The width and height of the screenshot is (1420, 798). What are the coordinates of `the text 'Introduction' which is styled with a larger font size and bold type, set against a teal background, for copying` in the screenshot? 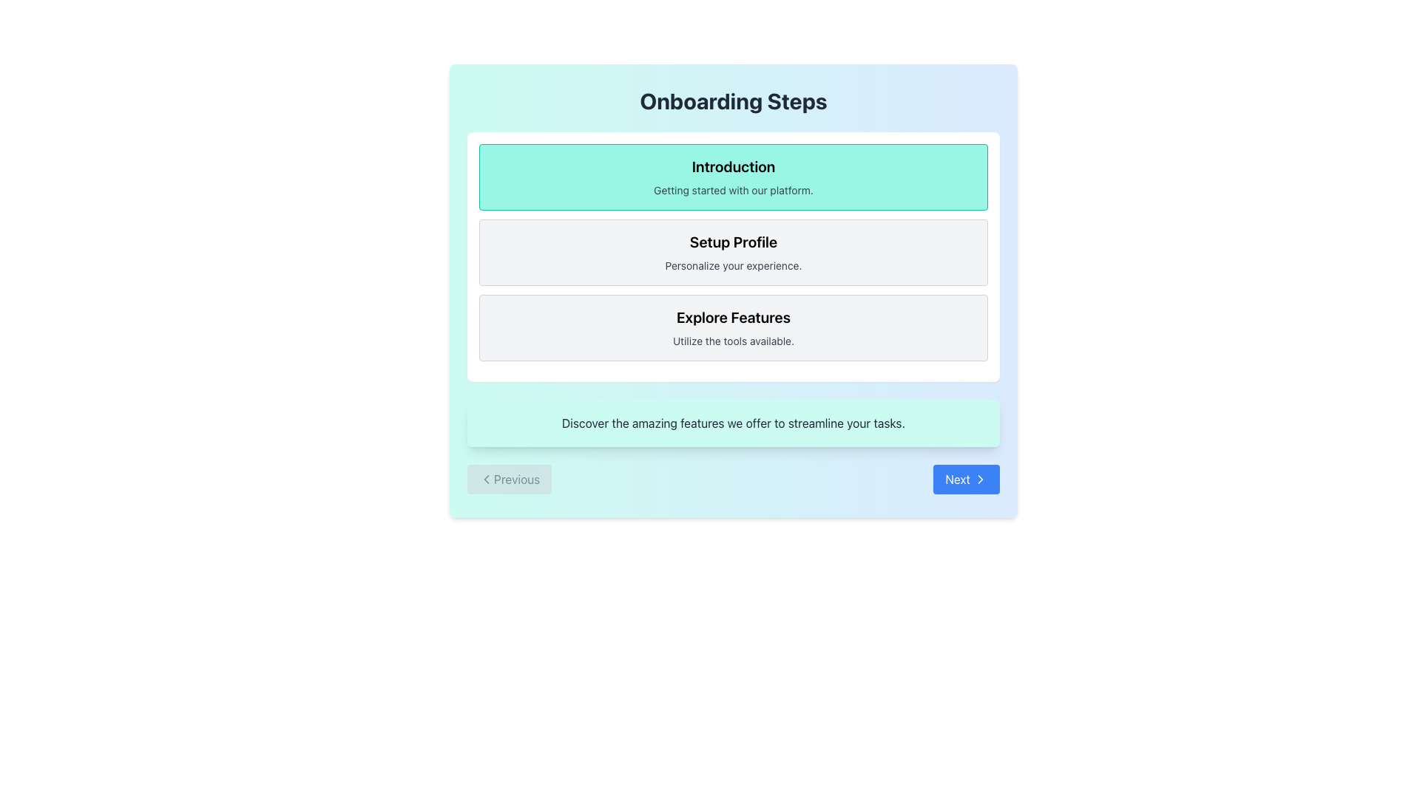 It's located at (734, 166).